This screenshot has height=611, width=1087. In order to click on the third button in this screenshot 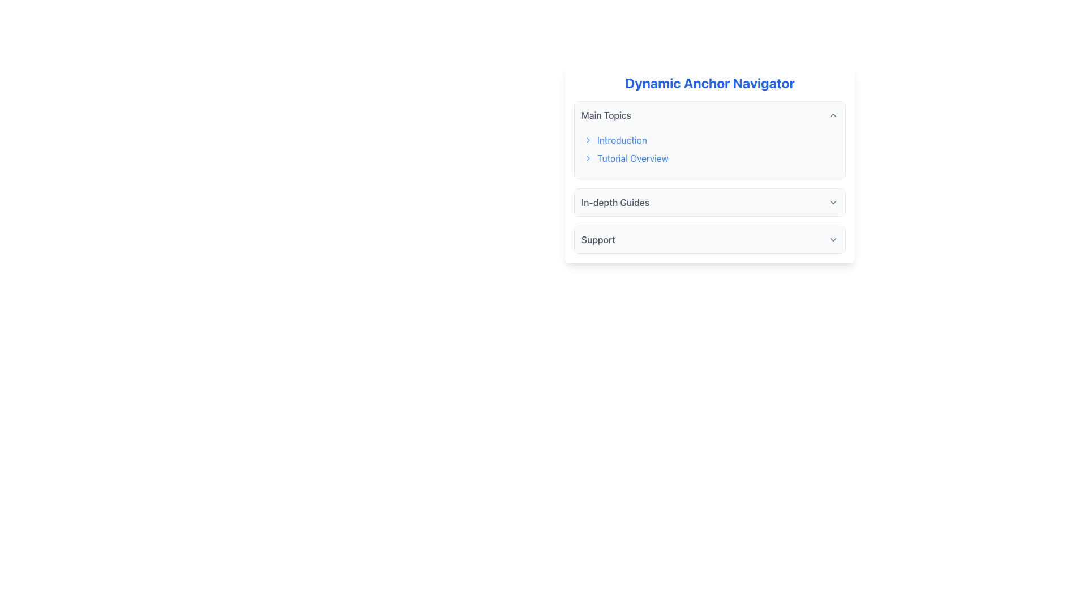, I will do `click(709, 202)`.